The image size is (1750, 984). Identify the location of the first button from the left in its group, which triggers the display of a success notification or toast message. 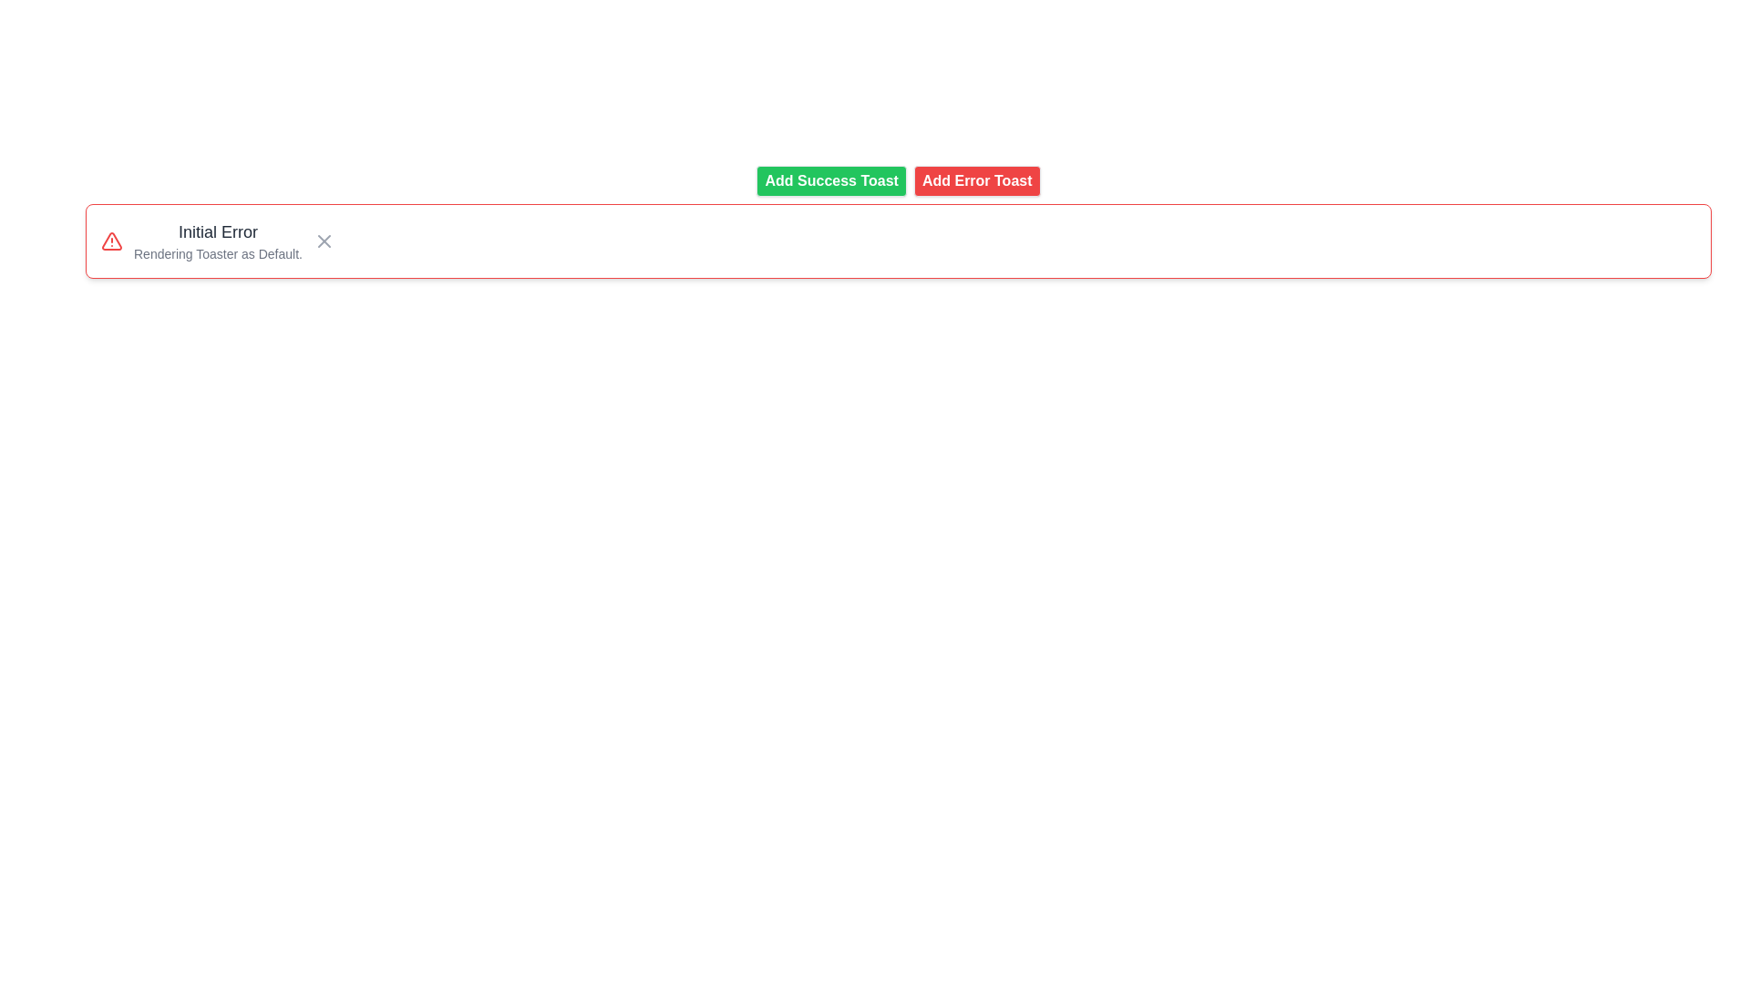
(830, 181).